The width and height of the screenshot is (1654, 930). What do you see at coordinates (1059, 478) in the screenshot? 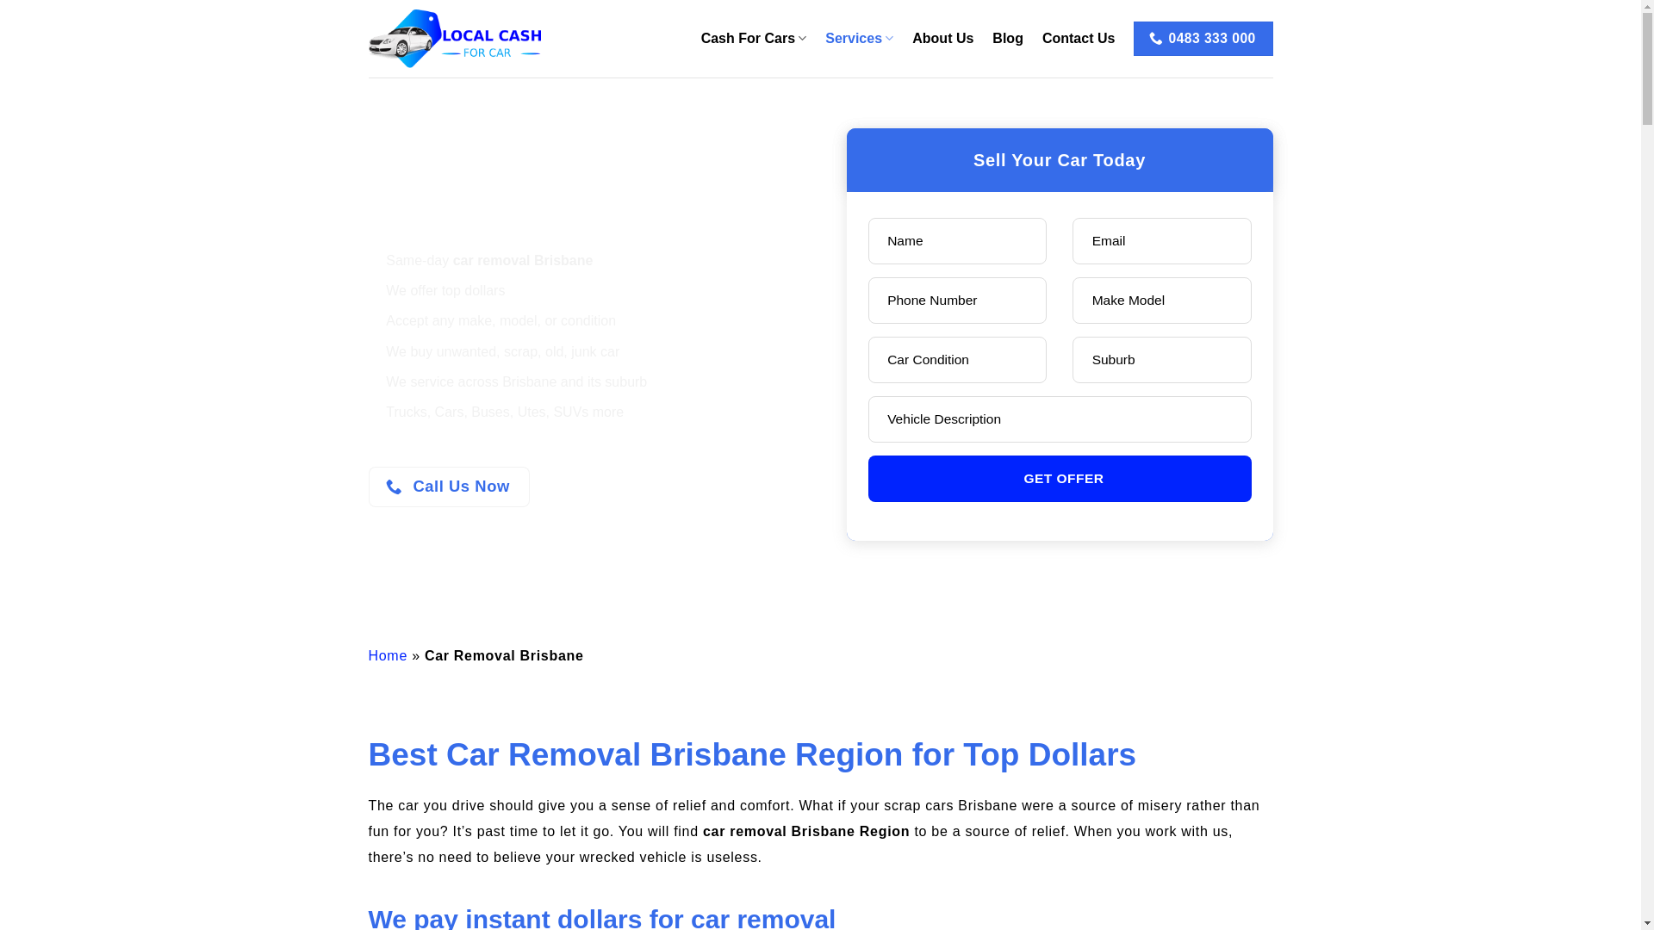
I see `'Get offer'` at bounding box center [1059, 478].